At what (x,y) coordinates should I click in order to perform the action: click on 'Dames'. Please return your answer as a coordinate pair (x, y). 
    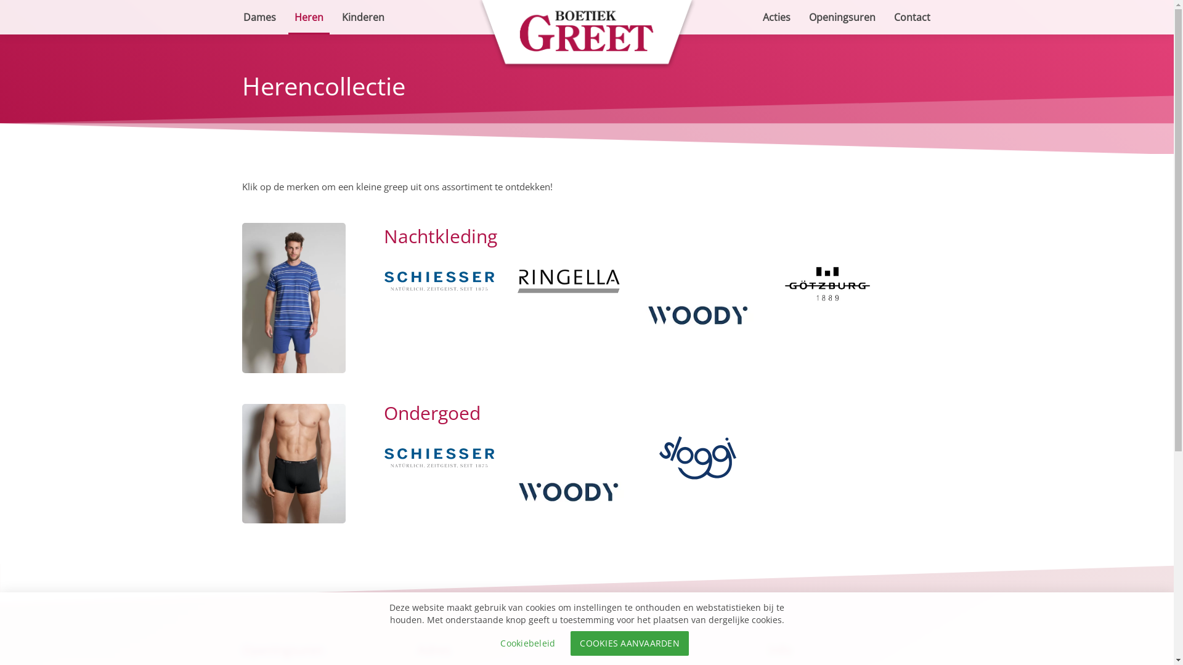
    Looking at the image, I should click on (259, 17).